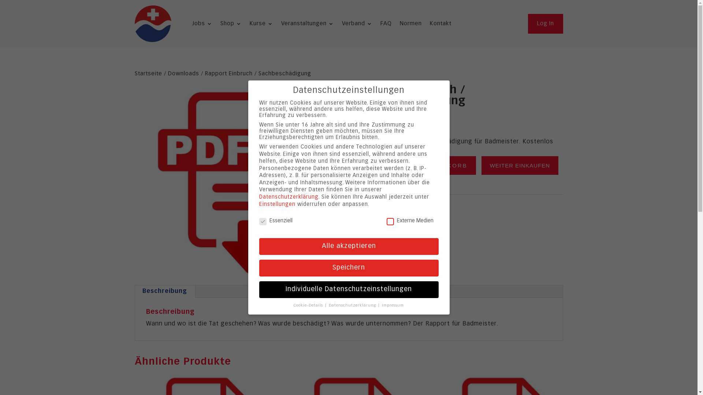 The height and width of the screenshot is (395, 703). Describe the element at coordinates (148, 74) in the screenshot. I see `'Startseite'` at that location.